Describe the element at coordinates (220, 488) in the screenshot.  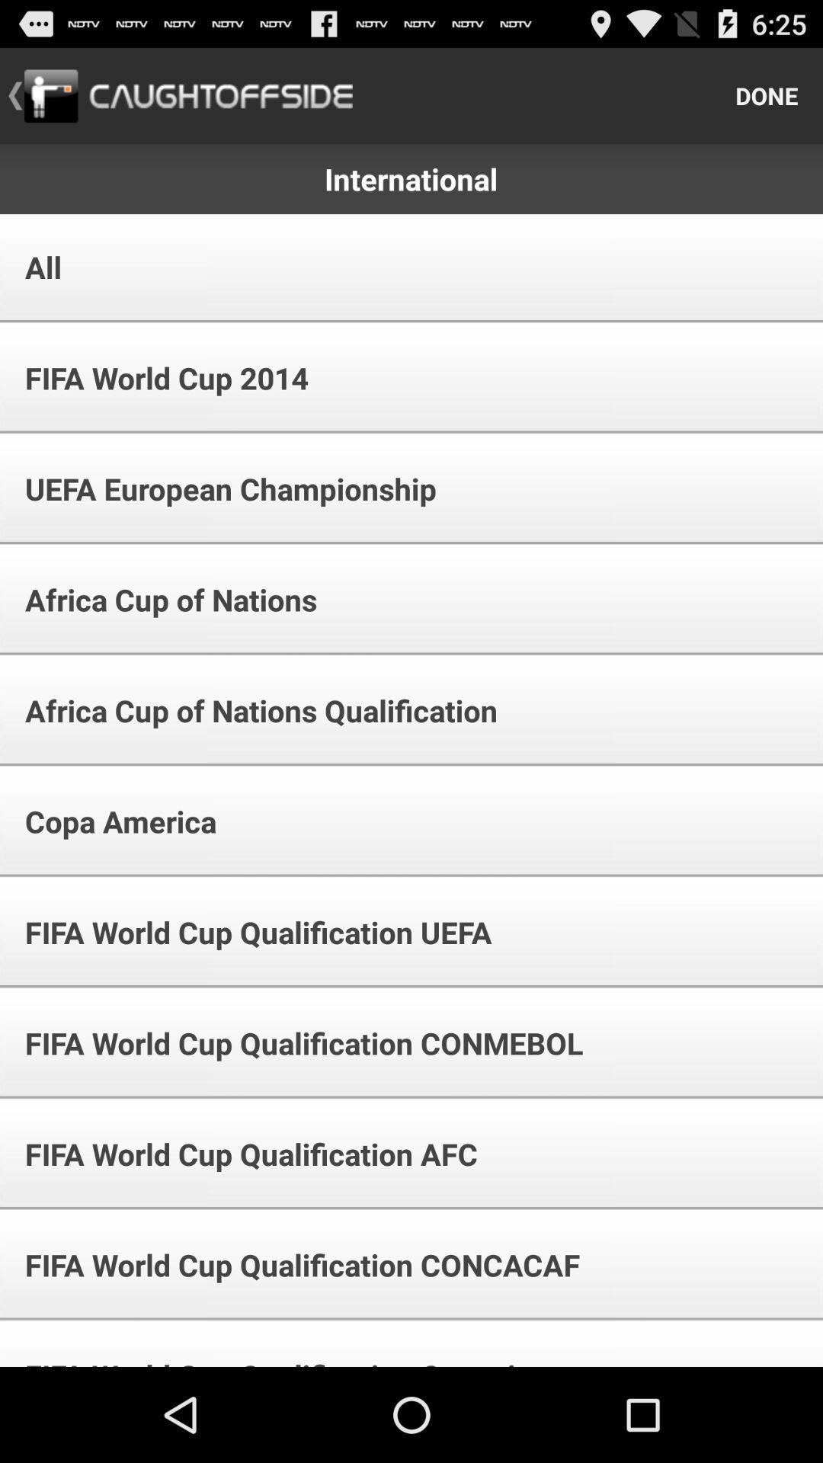
I see `the app above africa cup of icon` at that location.